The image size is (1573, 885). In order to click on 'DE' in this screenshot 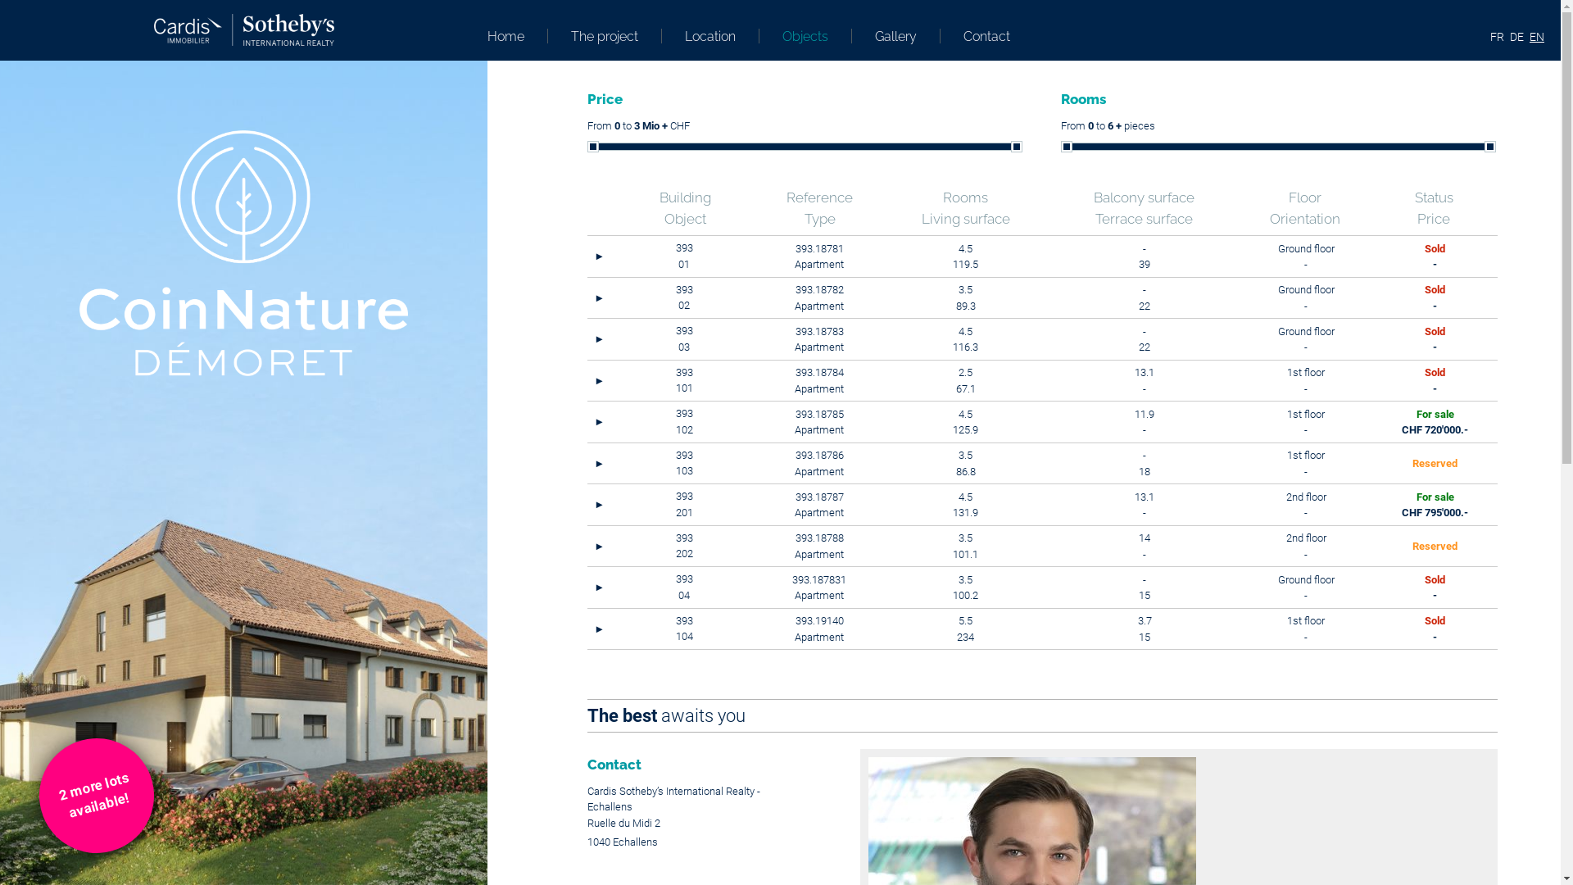, I will do `click(1516, 37)`.